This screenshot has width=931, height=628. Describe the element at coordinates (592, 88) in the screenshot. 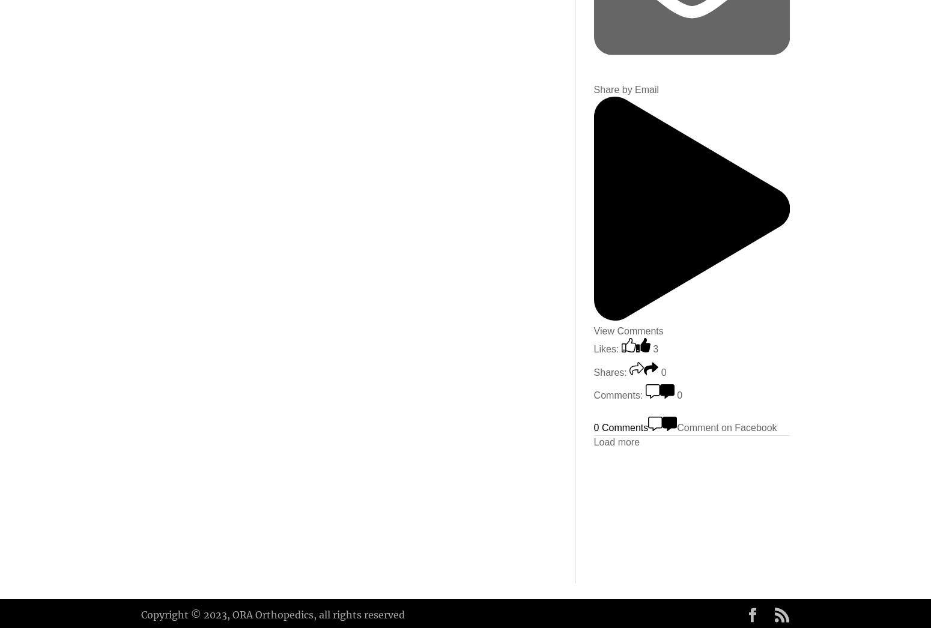

I see `'Share by Email'` at that location.